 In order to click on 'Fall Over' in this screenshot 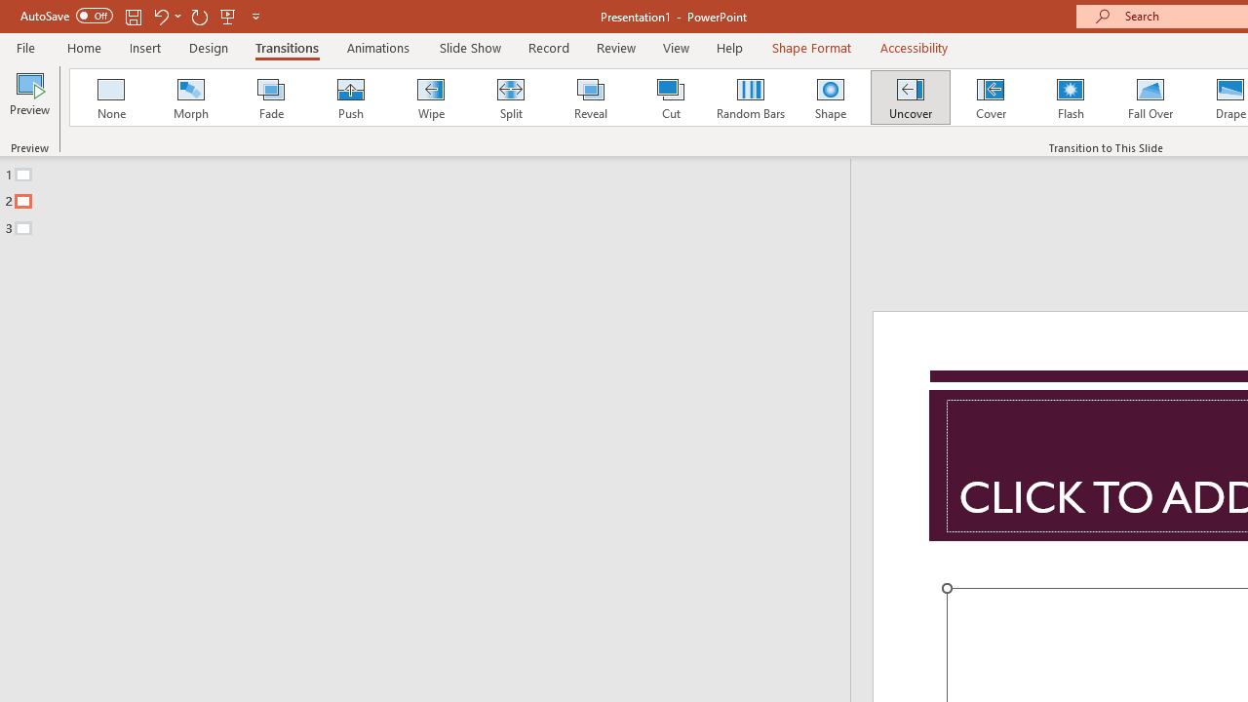, I will do `click(1150, 97)`.